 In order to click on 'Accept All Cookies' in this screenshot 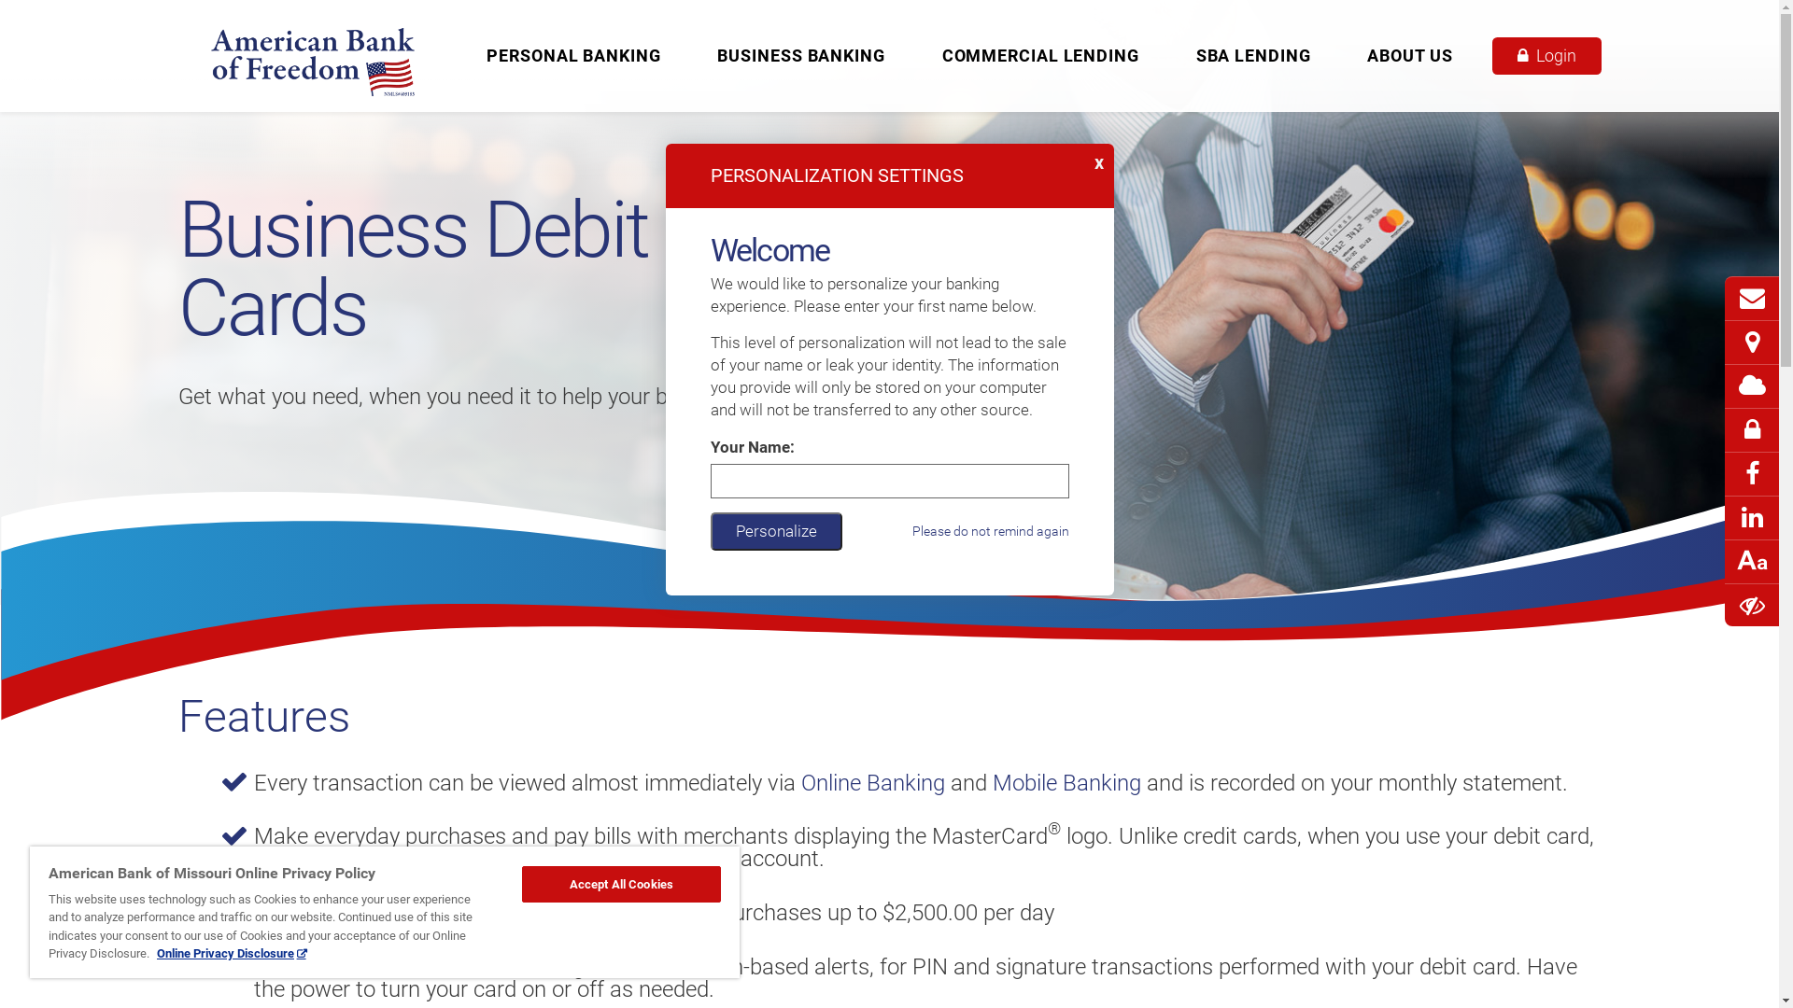, I will do `click(621, 883)`.